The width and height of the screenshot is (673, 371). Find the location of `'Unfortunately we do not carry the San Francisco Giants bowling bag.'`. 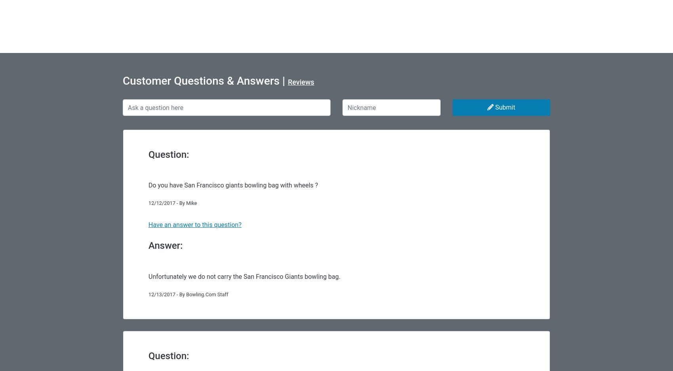

'Unfortunately we do not carry the San Francisco Giants bowling bag.' is located at coordinates (243, 276).